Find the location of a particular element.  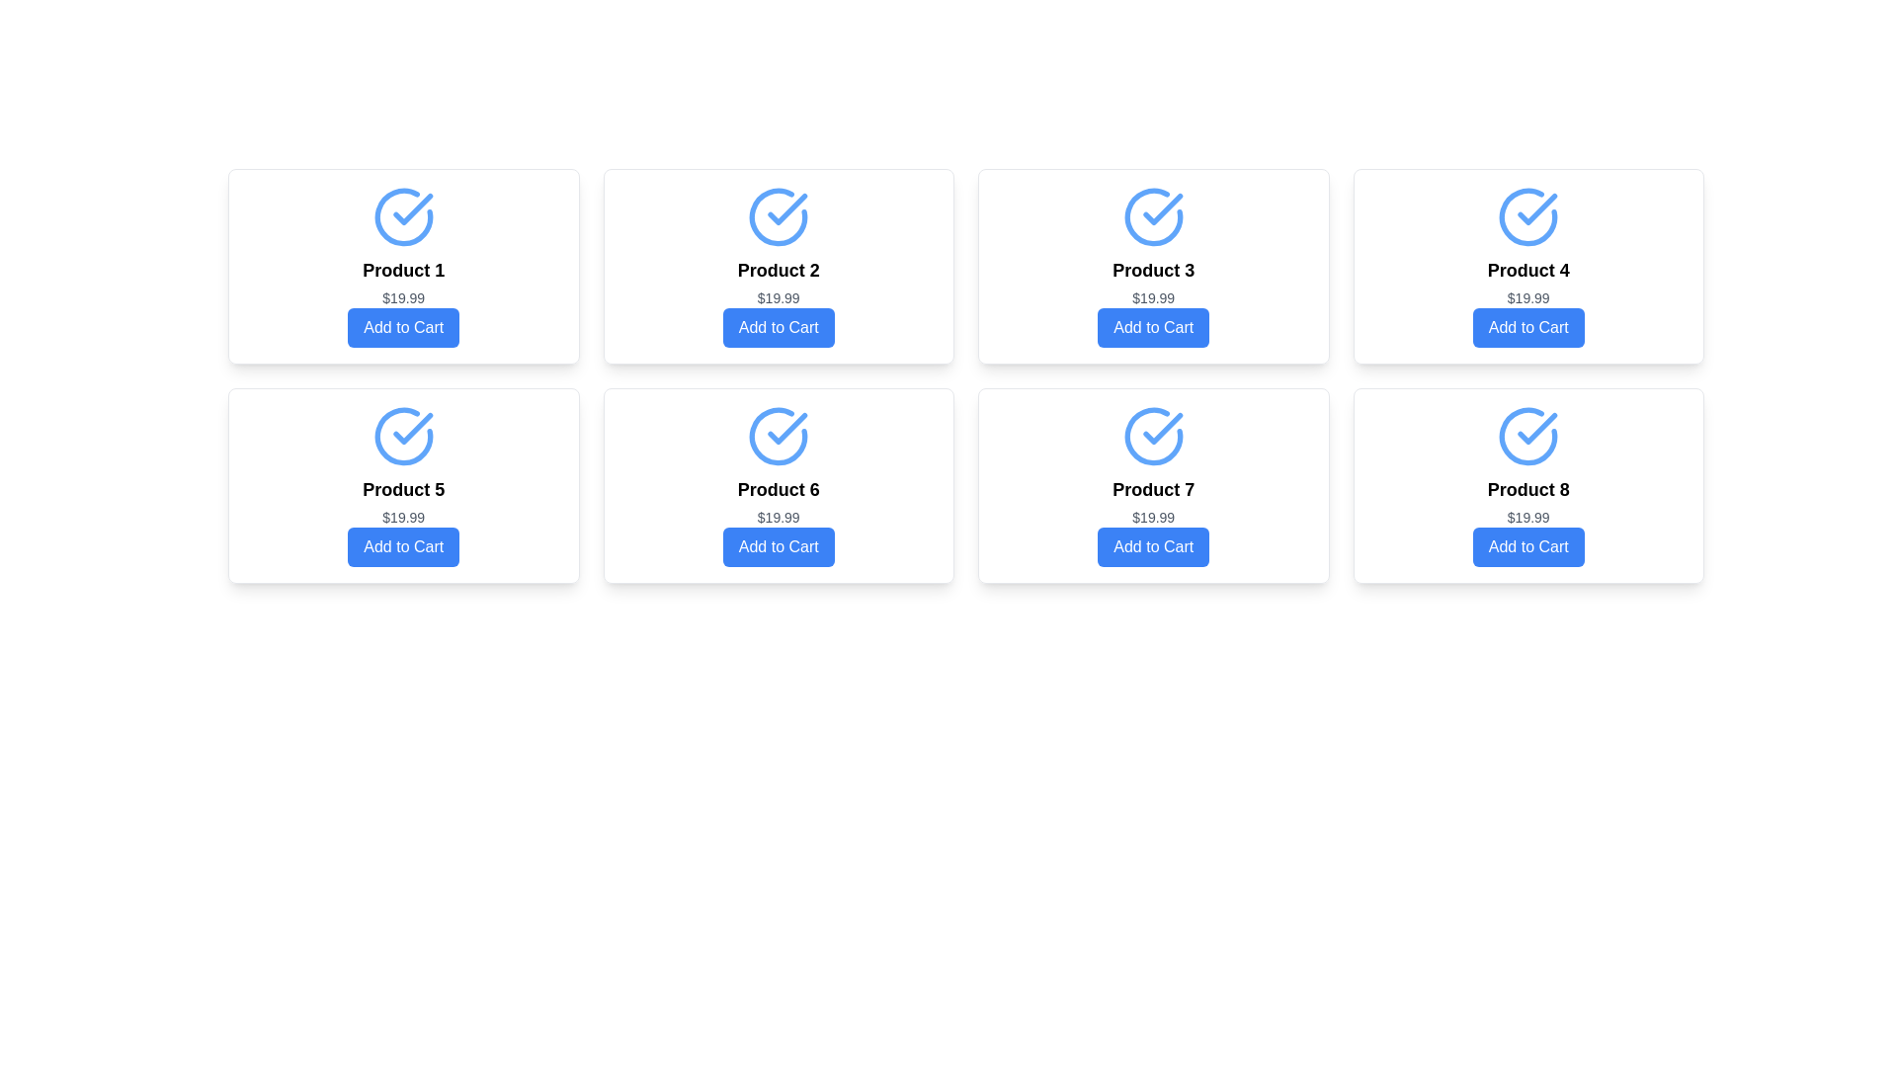

product name displayed in the text label located in the bottom-right corner of the card component is located at coordinates (1527, 489).